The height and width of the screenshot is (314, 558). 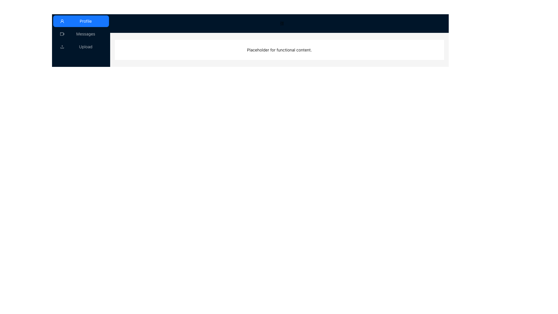 I want to click on the third menu item located in the vertical navigation menu on the left side of the interface, so click(x=81, y=47).